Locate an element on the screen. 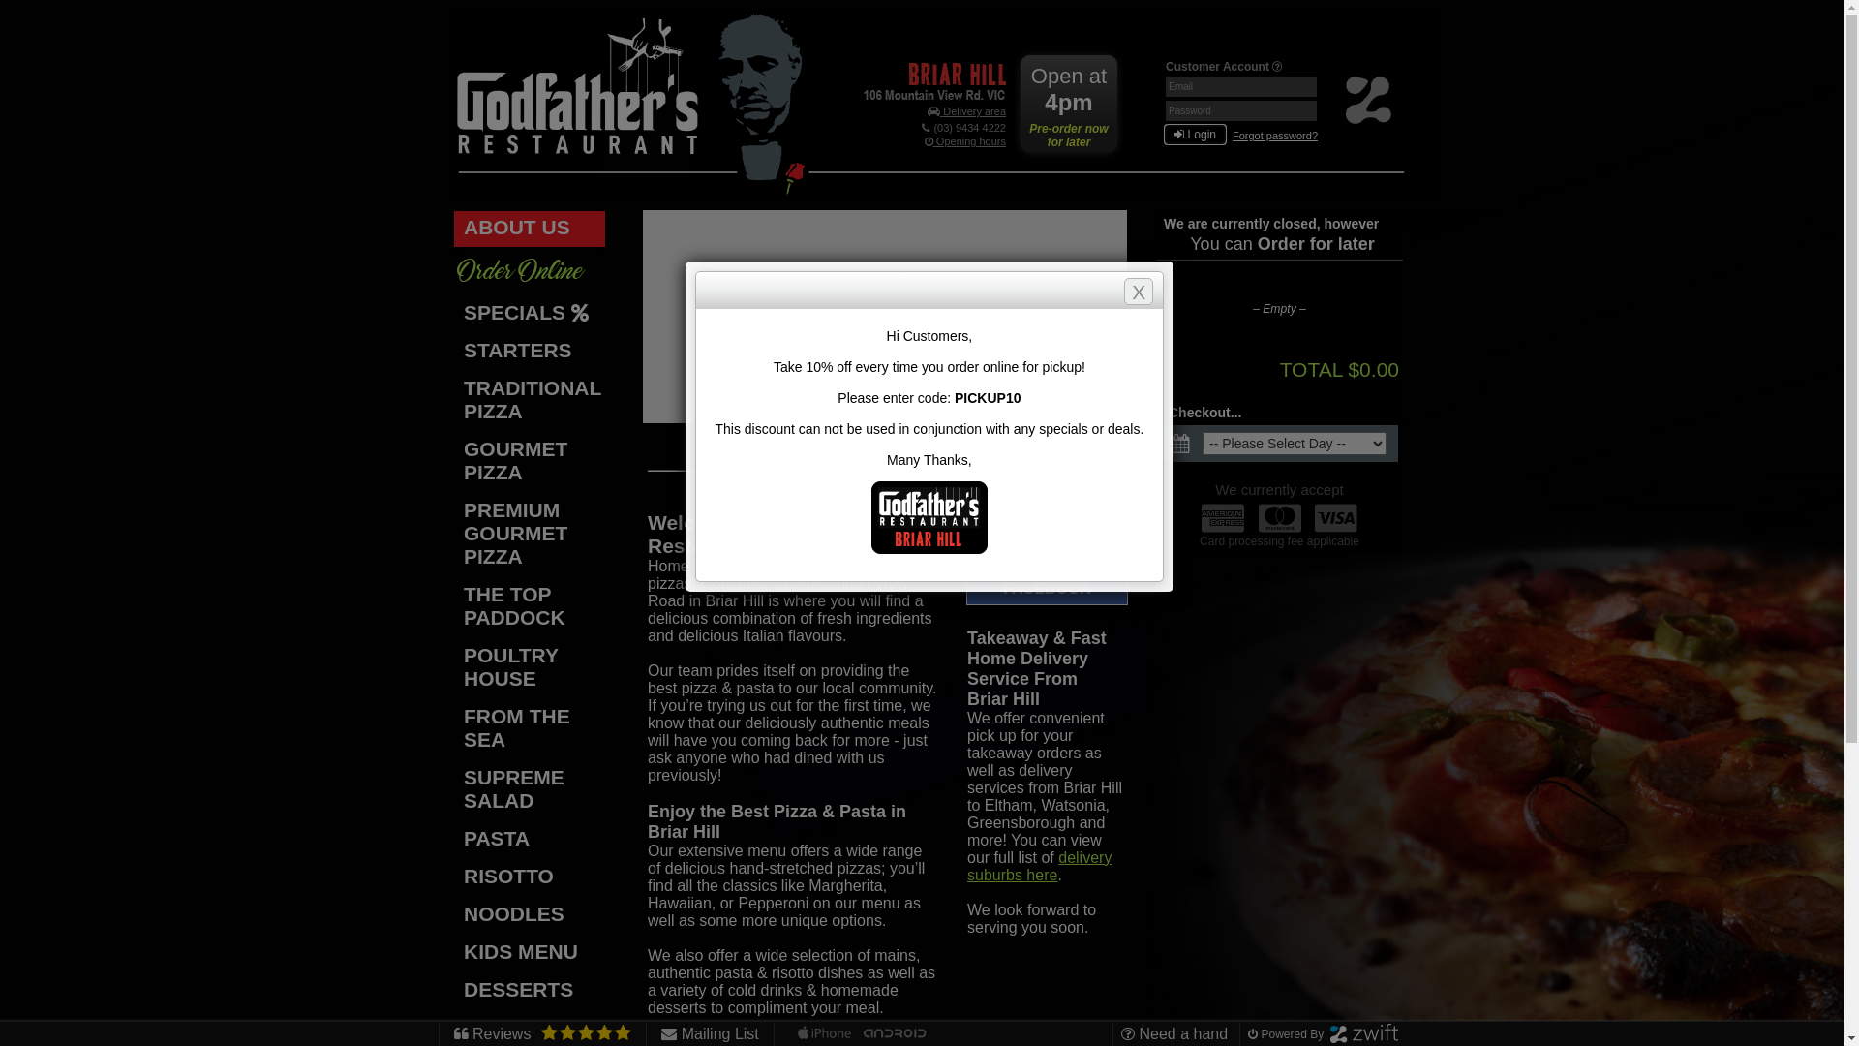 This screenshot has height=1046, width=1859. 'PASTA' is located at coordinates (453, 839).